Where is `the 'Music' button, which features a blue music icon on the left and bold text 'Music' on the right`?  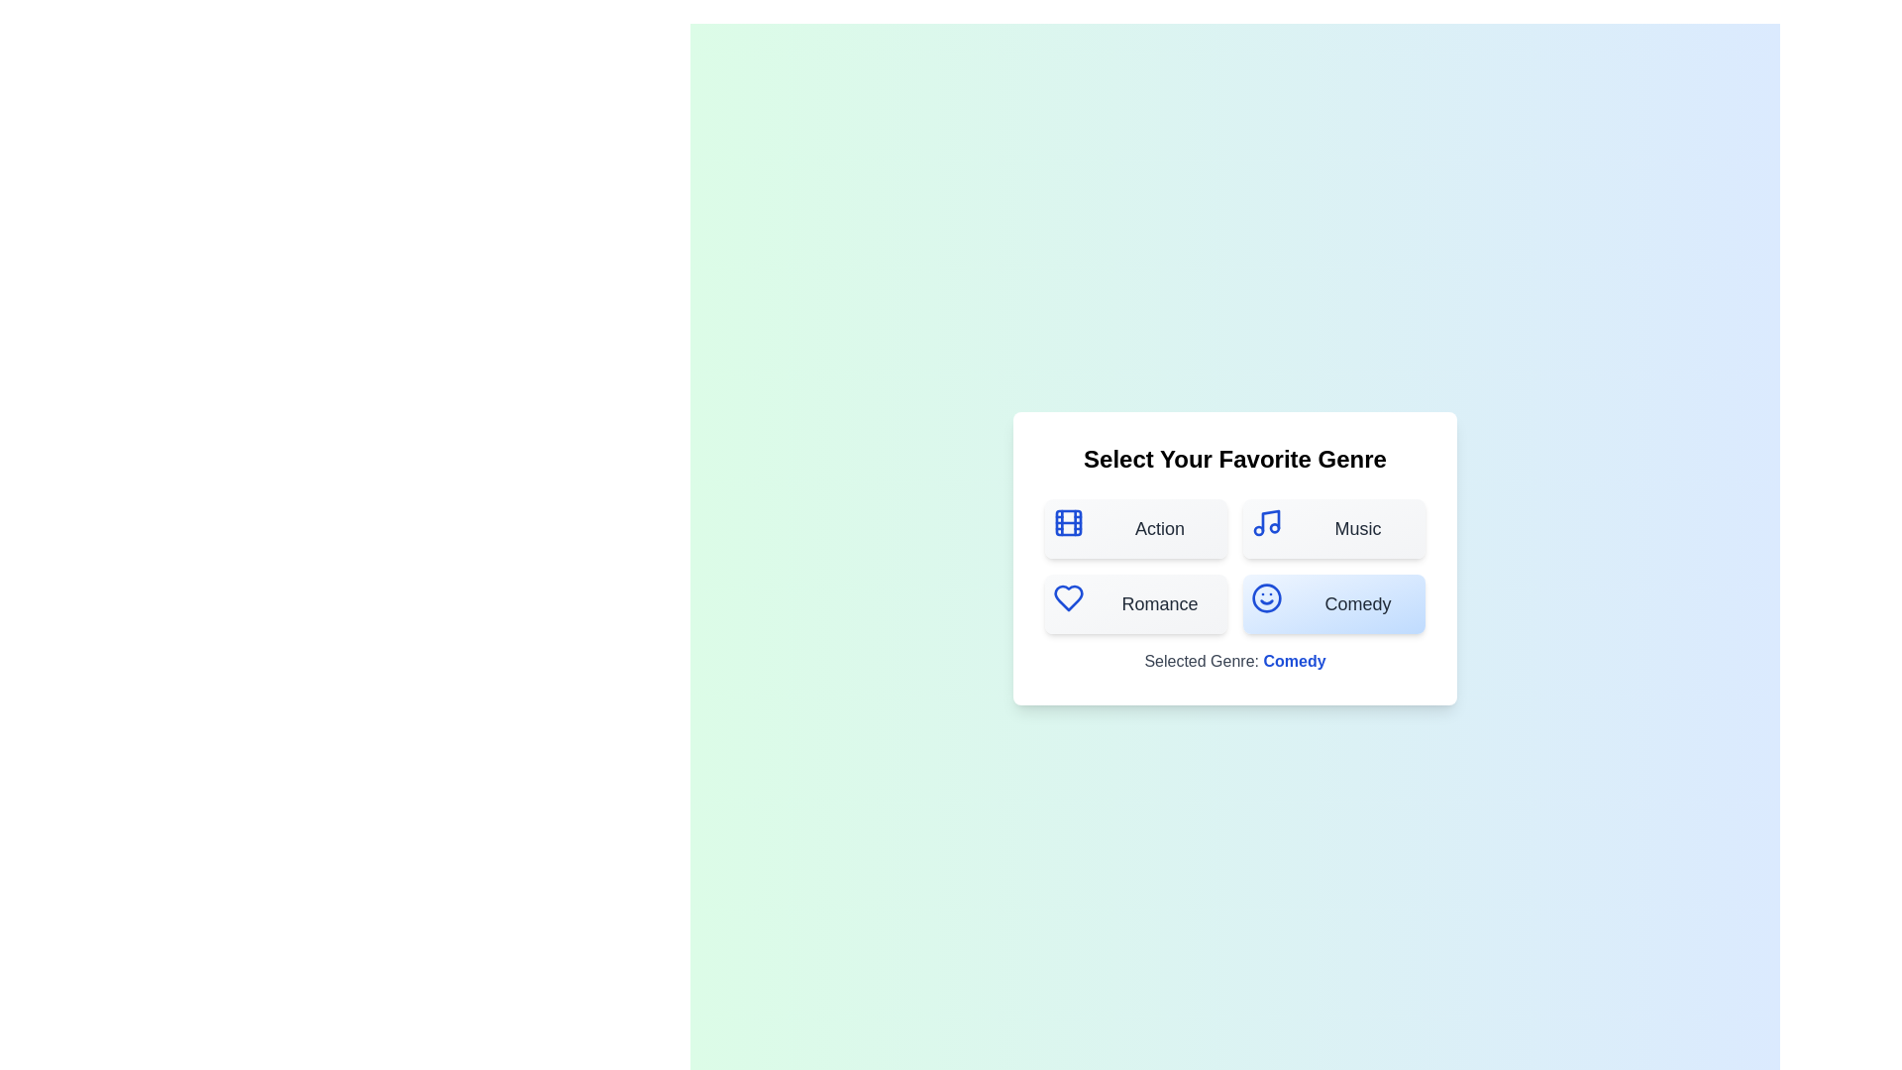
the 'Music' button, which features a blue music icon on the left and bold text 'Music' on the right is located at coordinates (1334, 527).